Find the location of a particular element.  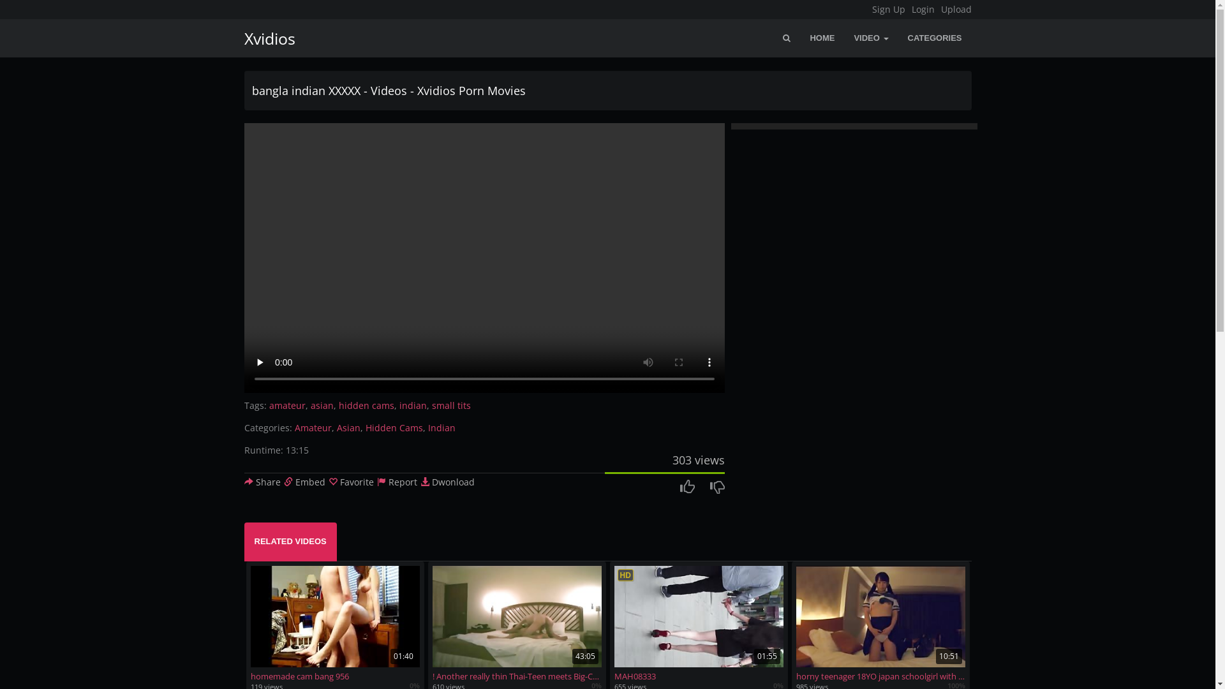

'01:40 is located at coordinates (334, 623).